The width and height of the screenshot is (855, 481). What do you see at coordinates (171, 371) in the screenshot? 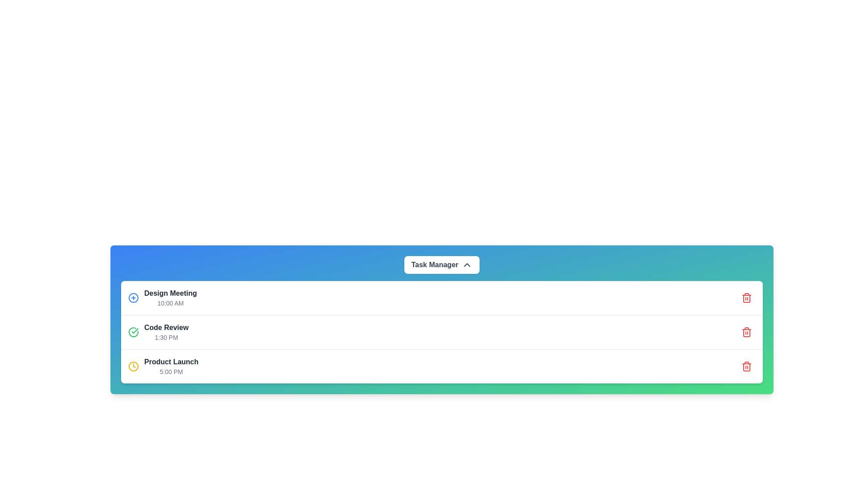
I see `the text element displaying '5:00 PM', which is styled in gray and positioned below the label 'Product Launch'` at bounding box center [171, 371].